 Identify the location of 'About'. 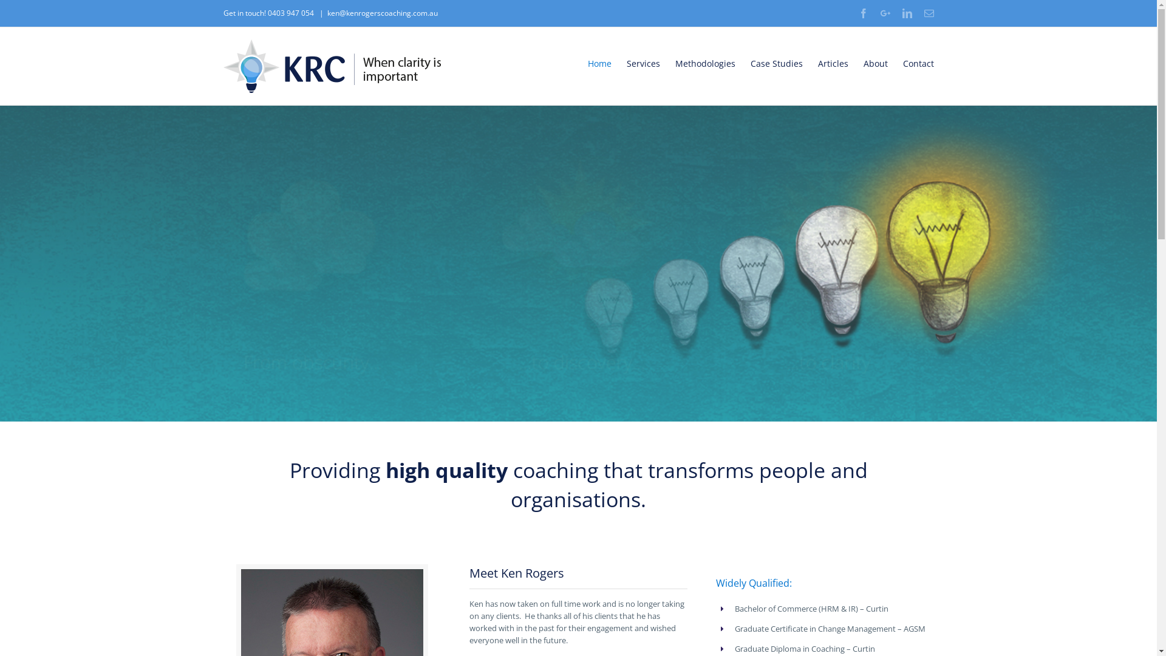
(875, 63).